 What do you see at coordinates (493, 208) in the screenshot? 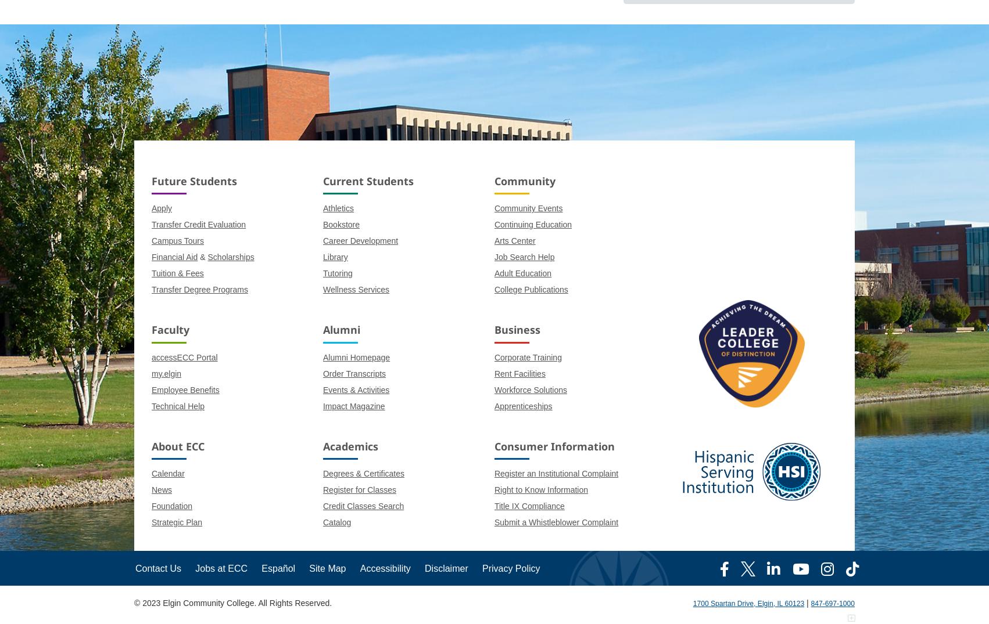
I see `'Community Events'` at bounding box center [493, 208].